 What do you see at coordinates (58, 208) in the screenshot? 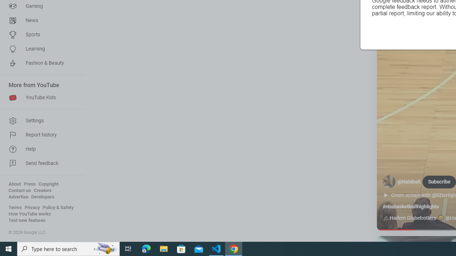
I see `'Policy & Safety'` at bounding box center [58, 208].